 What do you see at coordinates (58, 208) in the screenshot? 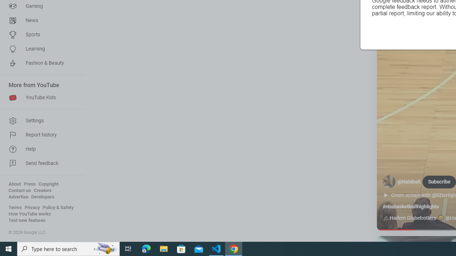
I see `'Policy & Safety'` at bounding box center [58, 208].